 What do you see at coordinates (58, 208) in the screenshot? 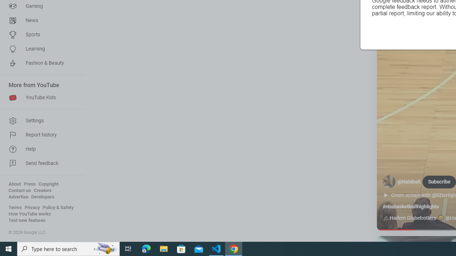
I see `'Policy & Safety'` at bounding box center [58, 208].